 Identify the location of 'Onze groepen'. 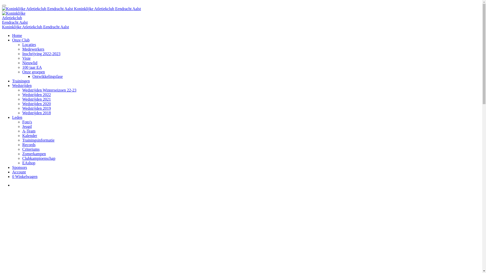
(33, 72).